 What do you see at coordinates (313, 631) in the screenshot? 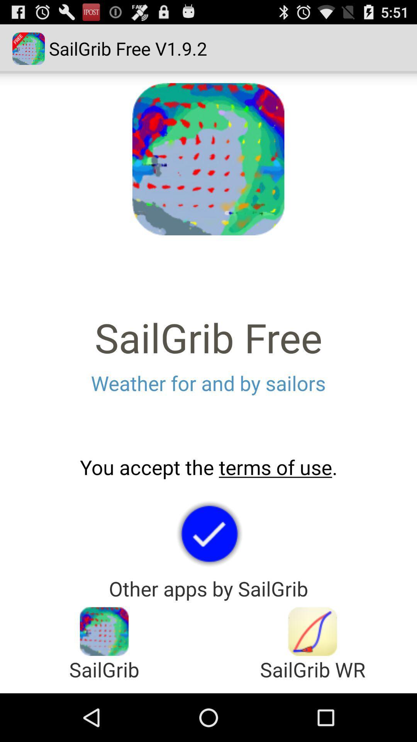
I see `download sailgrib app` at bounding box center [313, 631].